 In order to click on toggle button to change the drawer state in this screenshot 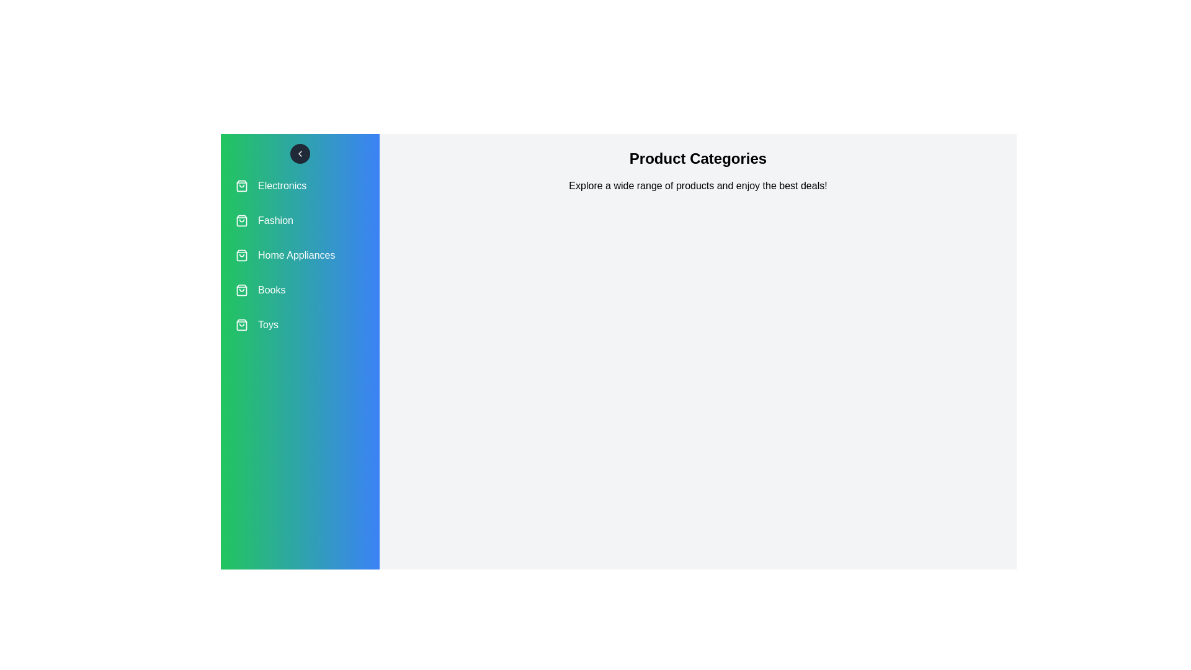, I will do `click(300, 153)`.